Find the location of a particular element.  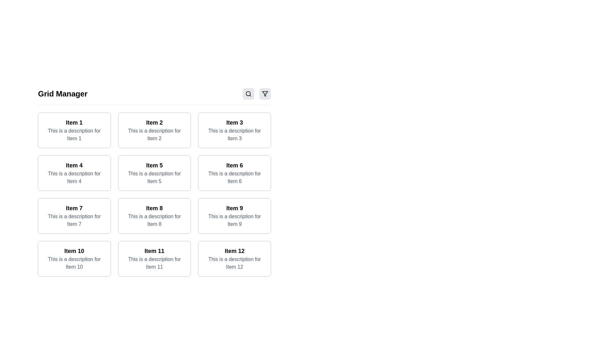

descriptive text label providing additional information about 'Item 6' located below the text 'Item 6' in the sixth grid item of a 4x3 layout is located at coordinates (234, 177).